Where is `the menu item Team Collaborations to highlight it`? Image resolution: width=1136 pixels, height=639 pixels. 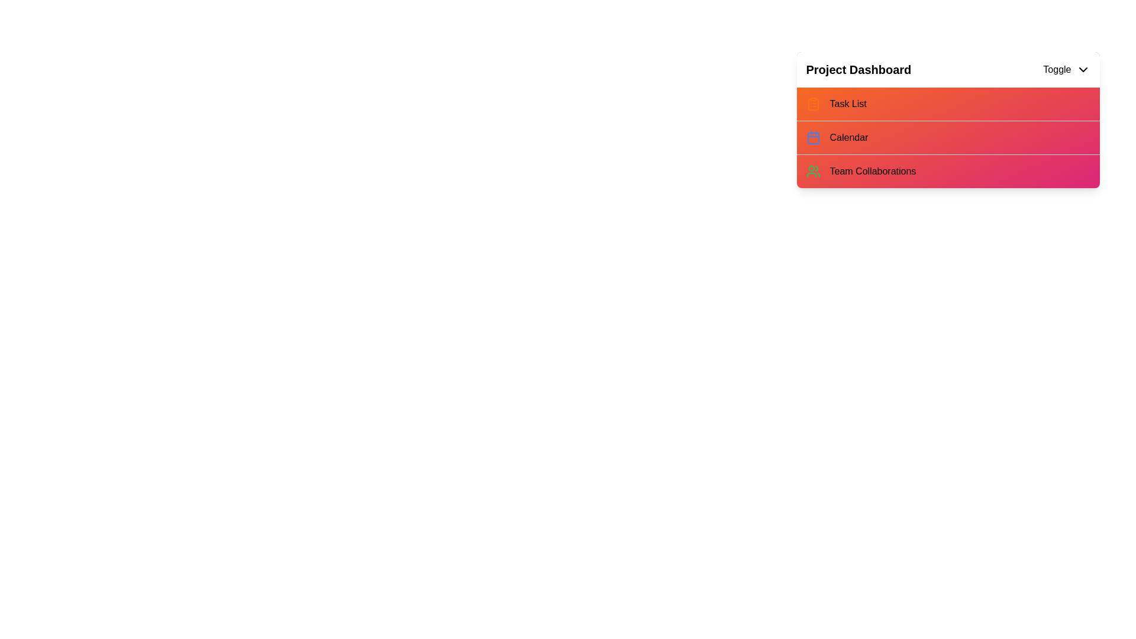
the menu item Team Collaborations to highlight it is located at coordinates (829, 171).